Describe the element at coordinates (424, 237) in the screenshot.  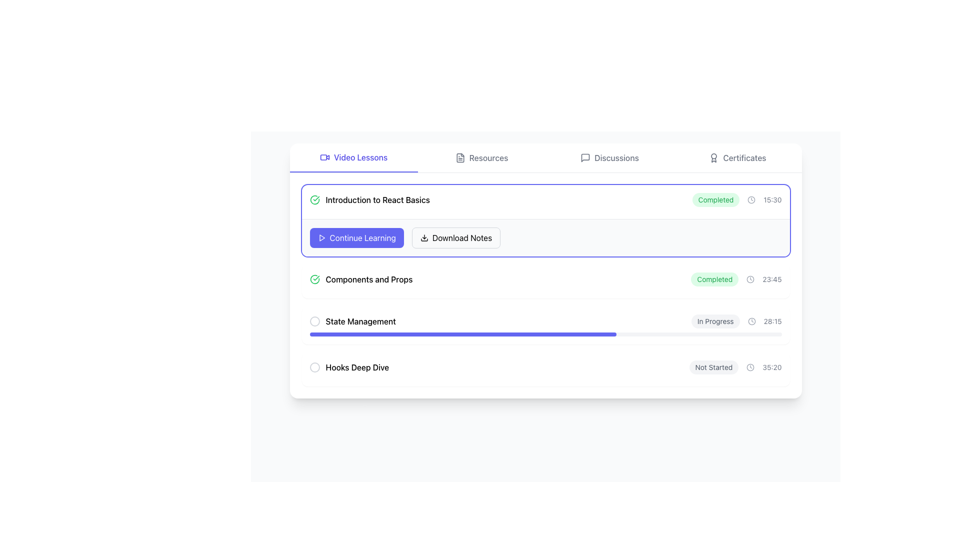
I see `the SVG download icon located to the left of the 'Download Notes' text in the 'Introduction to React Basics' section` at that location.